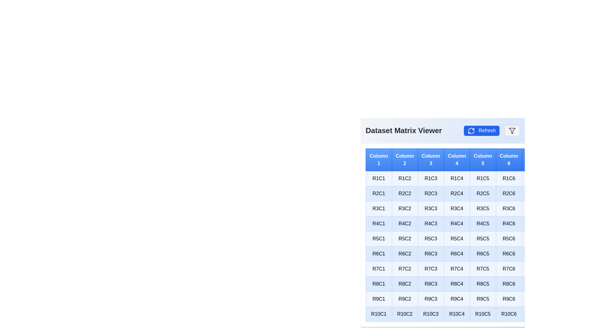 The width and height of the screenshot is (591, 332). What do you see at coordinates (512, 130) in the screenshot?
I see `the Filter button to apply filters` at bounding box center [512, 130].